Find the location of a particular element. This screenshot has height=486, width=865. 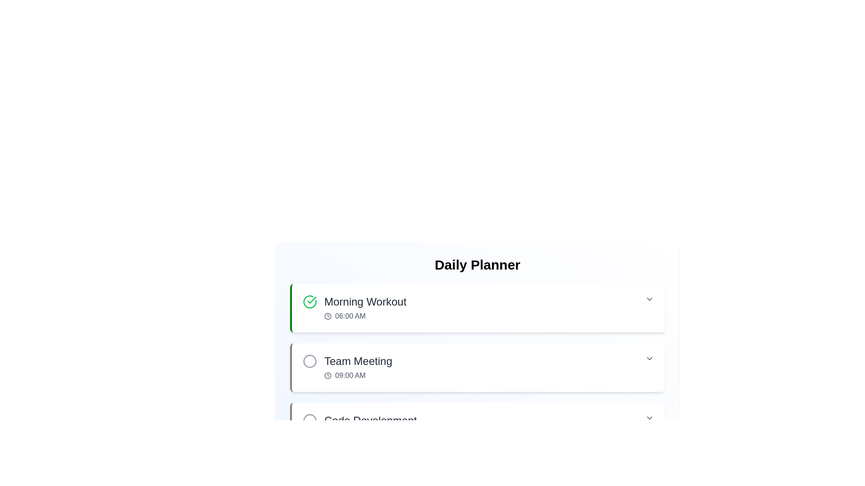

the clock icon that represents the scheduled time, located to the left of the '06:00 AM' text in the Daily Planner section is located at coordinates (328, 315).